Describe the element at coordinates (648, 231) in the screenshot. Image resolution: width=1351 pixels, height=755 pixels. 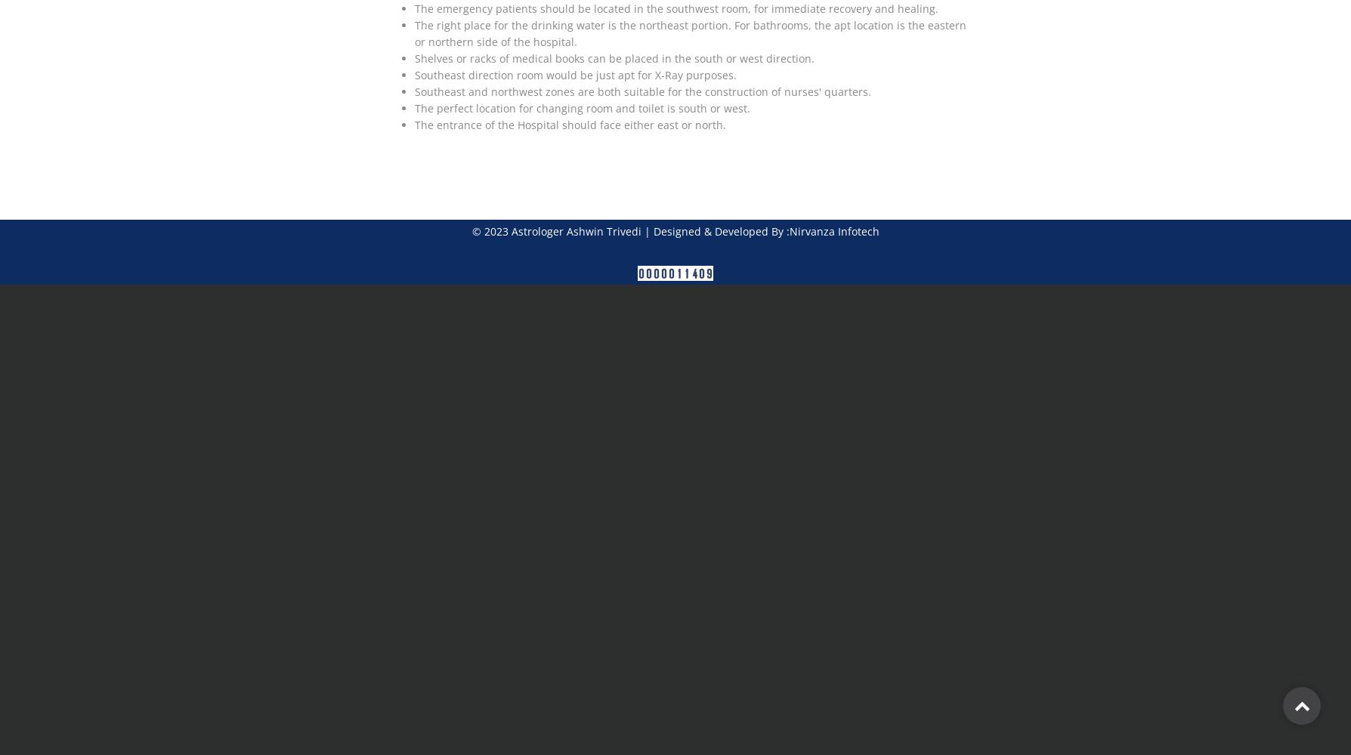
I see `'Astrologer Ashwin Trivedi | Designed & Developed By :'` at that location.